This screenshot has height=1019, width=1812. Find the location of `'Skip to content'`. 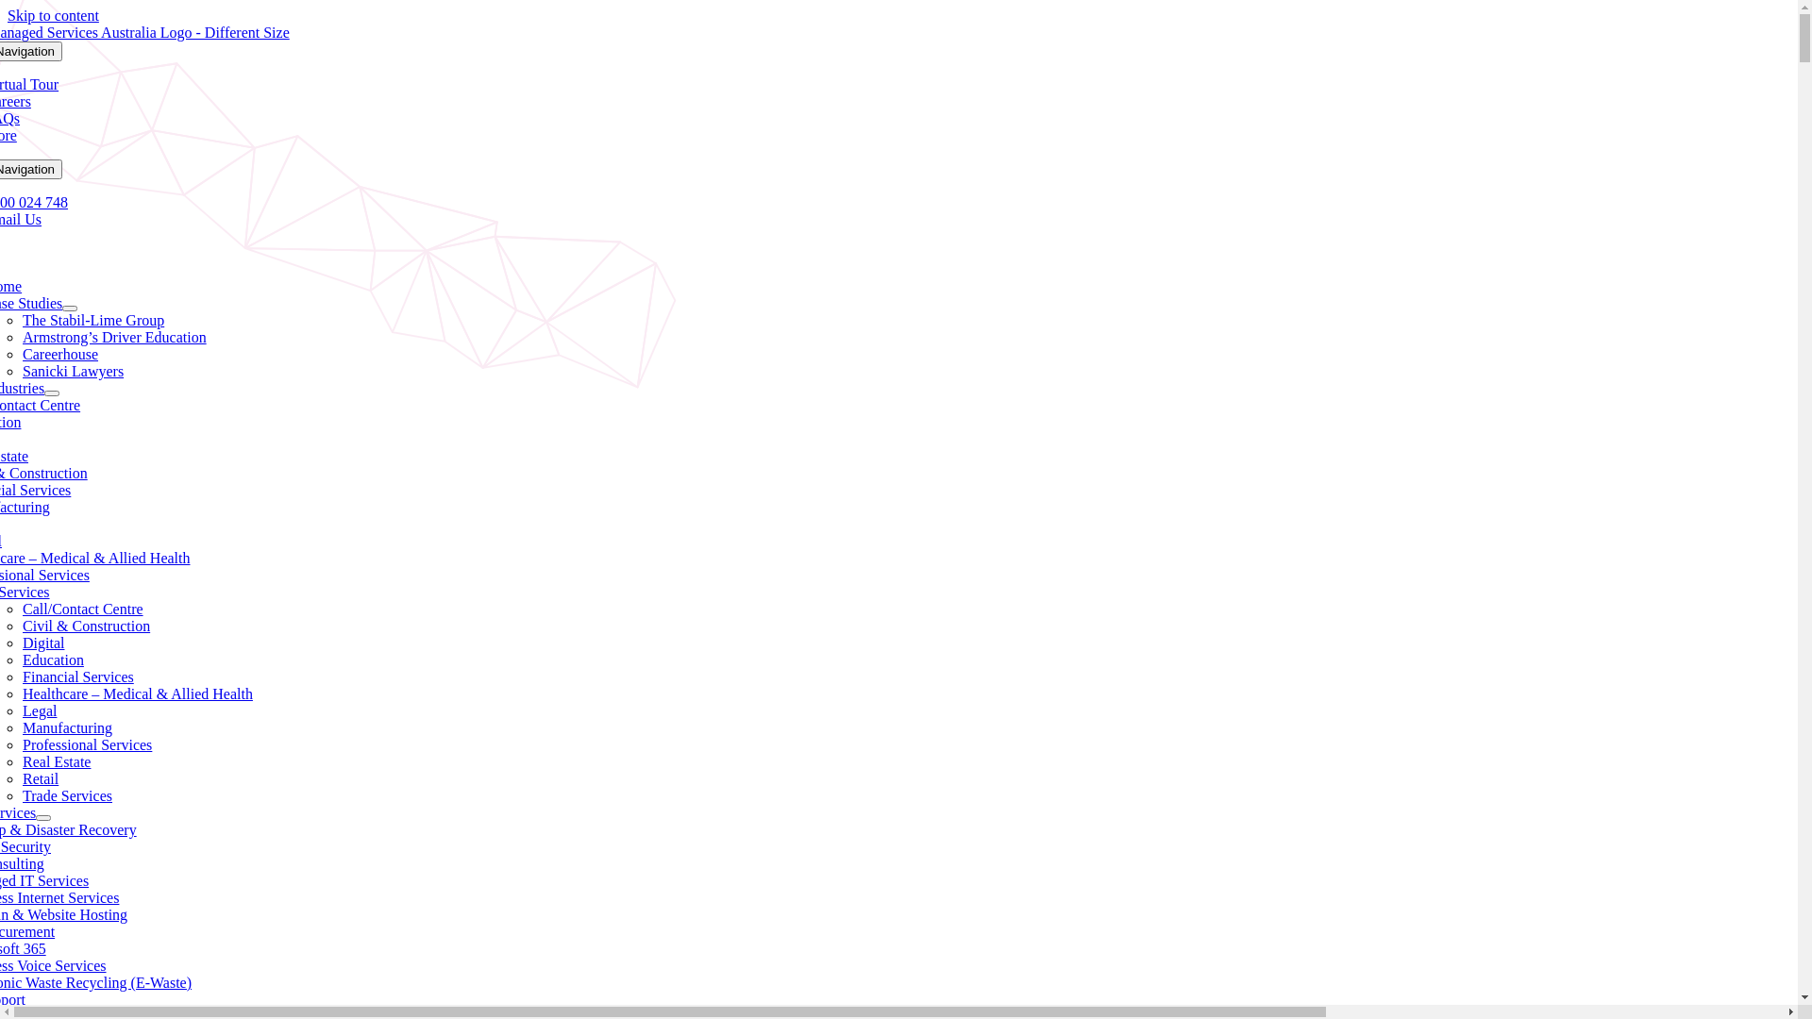

'Skip to content' is located at coordinates (53, 15).